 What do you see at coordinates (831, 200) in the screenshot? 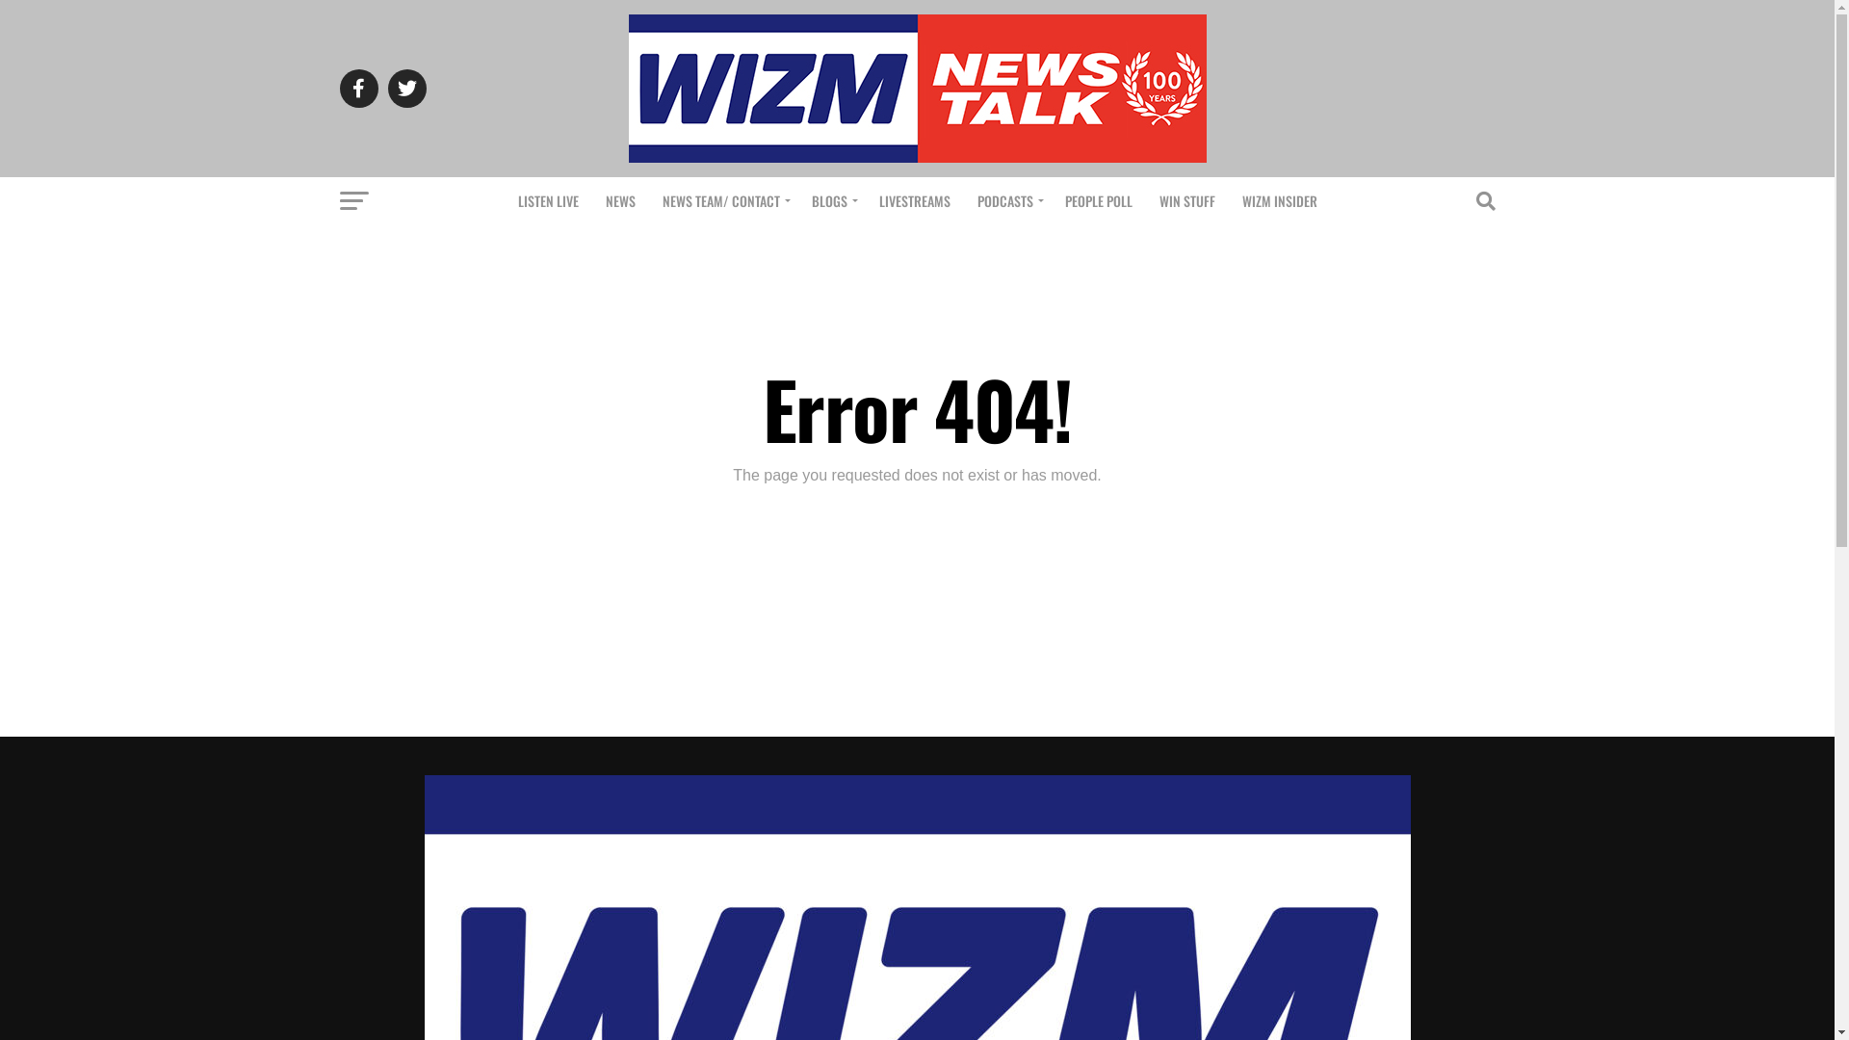
I see `'BLOGS'` at bounding box center [831, 200].